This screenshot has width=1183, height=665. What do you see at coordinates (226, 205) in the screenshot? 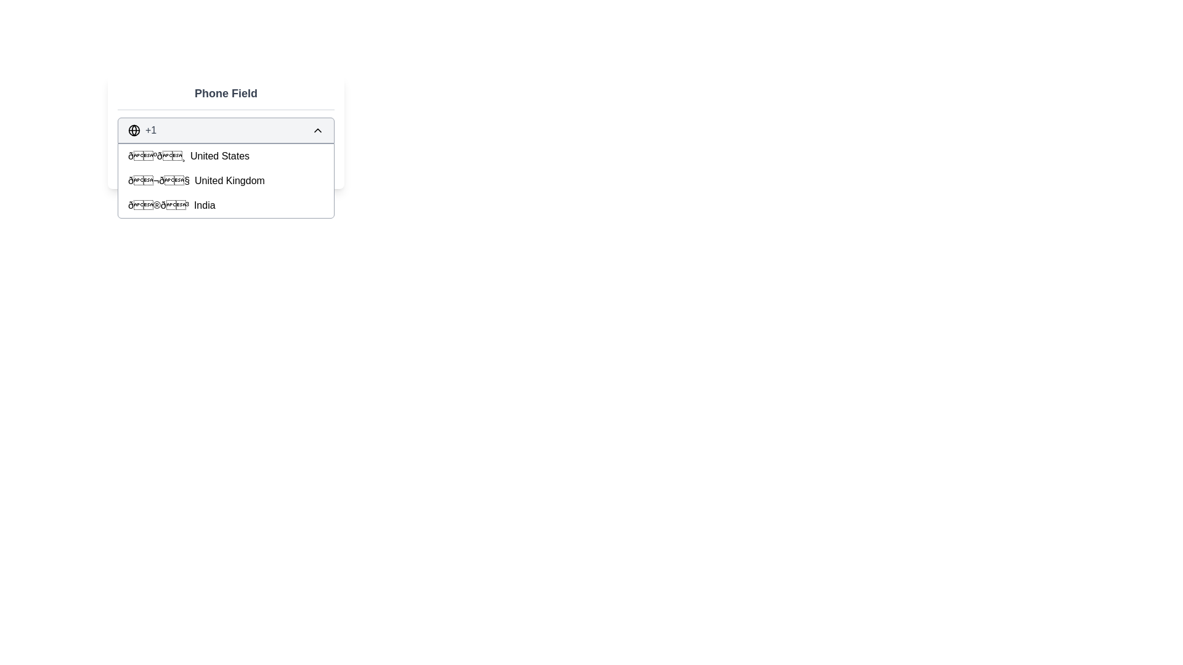
I see `the list item displaying a flag emoji followed by the word 'India'` at bounding box center [226, 205].